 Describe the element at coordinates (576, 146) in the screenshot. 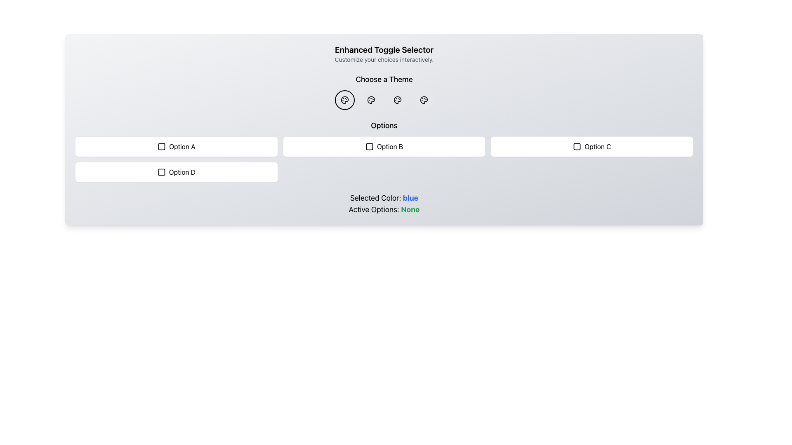

I see `the checkbox for 'Option C'` at that location.